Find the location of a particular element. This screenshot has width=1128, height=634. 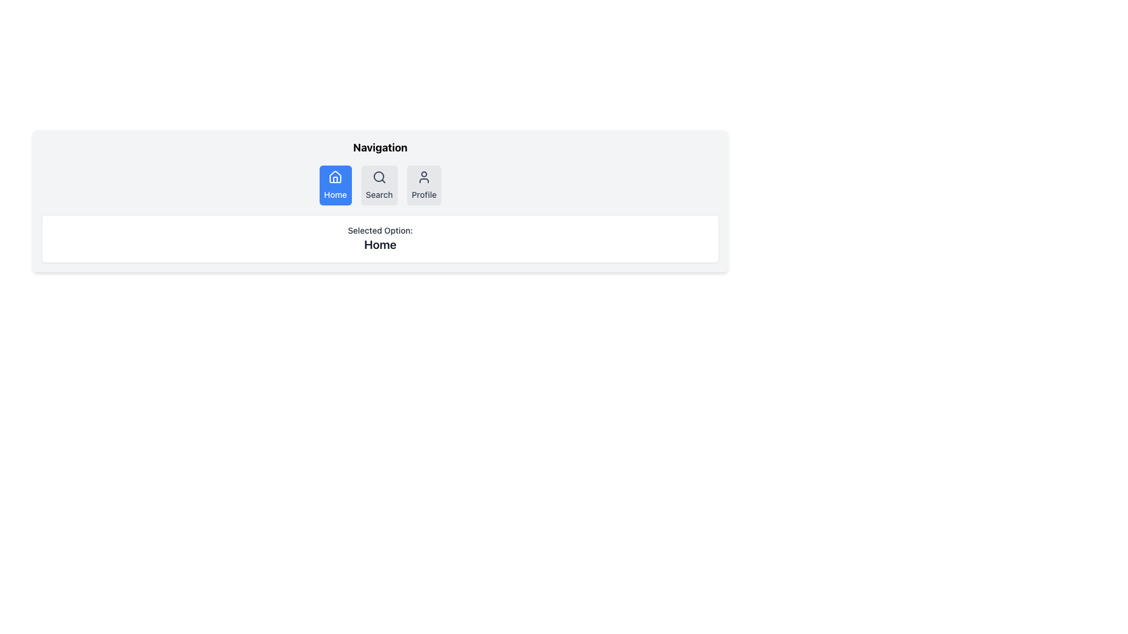

text content of the 'Home' label located within the first button of the navigation bar, which is identified by its blue background and house icon above it is located at coordinates (335, 194).